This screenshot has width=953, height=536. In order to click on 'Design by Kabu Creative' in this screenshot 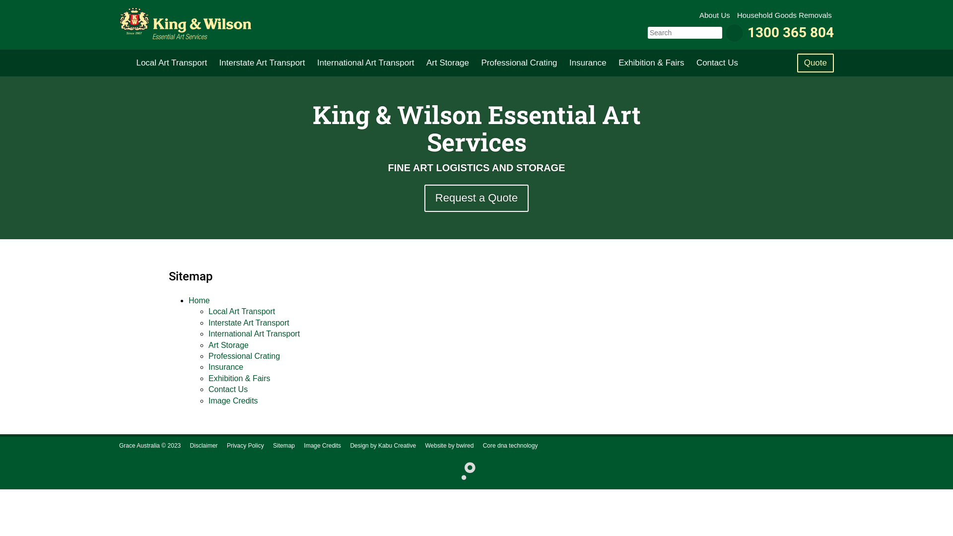, I will do `click(382, 445)`.